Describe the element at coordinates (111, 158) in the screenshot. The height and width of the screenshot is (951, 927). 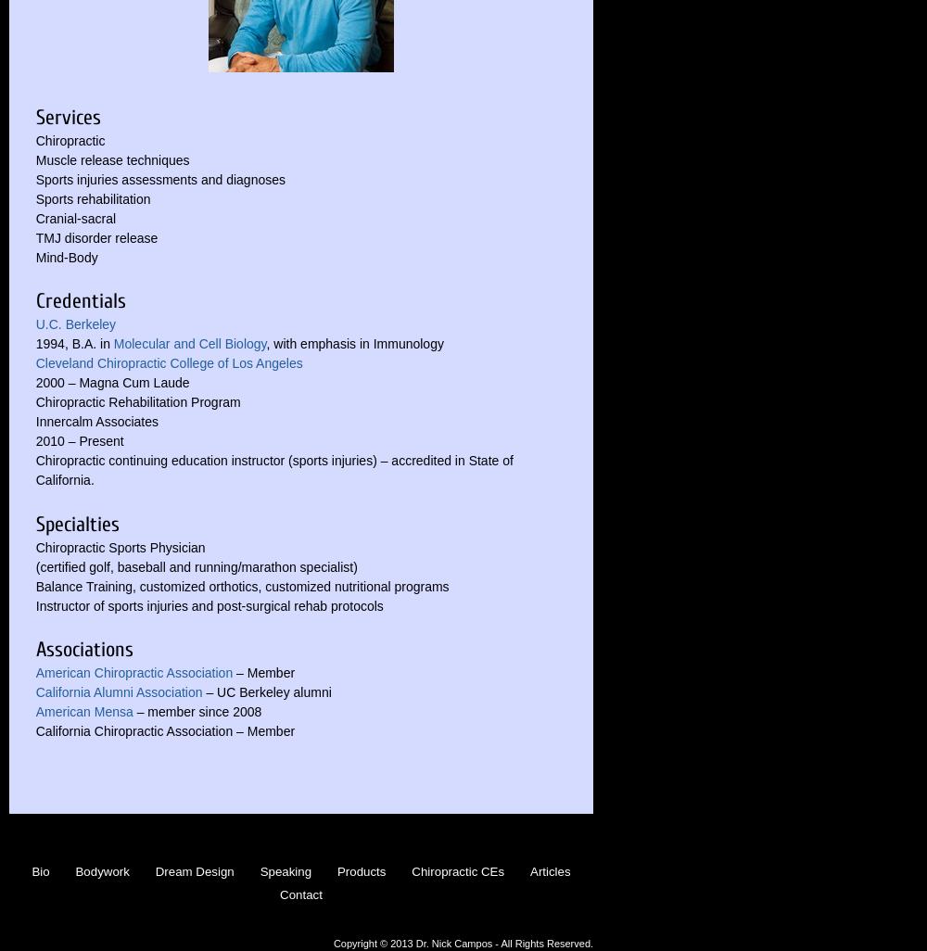
I see `'Muscle release techniques'` at that location.